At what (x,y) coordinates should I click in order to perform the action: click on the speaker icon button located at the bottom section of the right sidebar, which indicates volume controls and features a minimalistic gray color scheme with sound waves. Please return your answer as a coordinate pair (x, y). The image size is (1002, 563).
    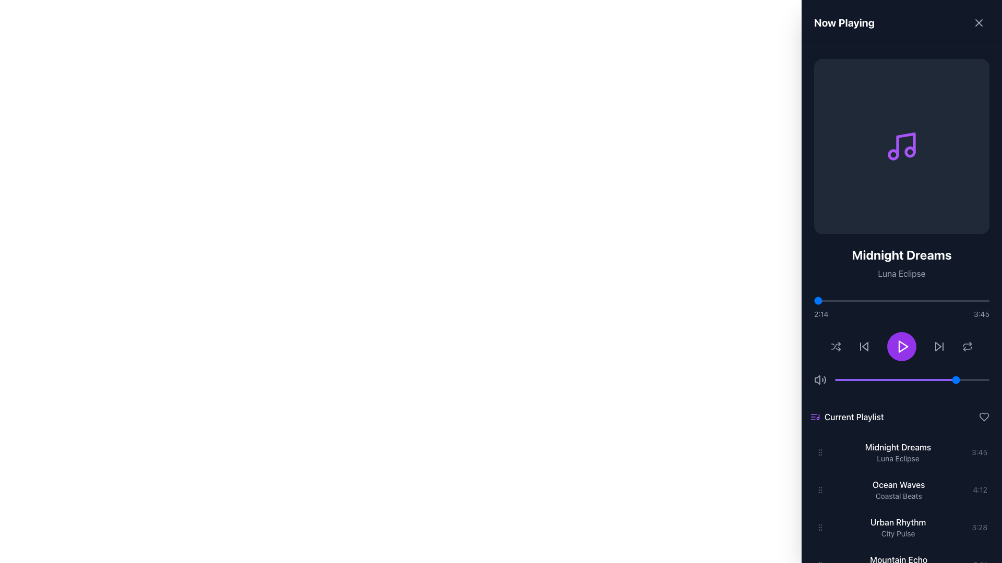
    Looking at the image, I should click on (819, 380).